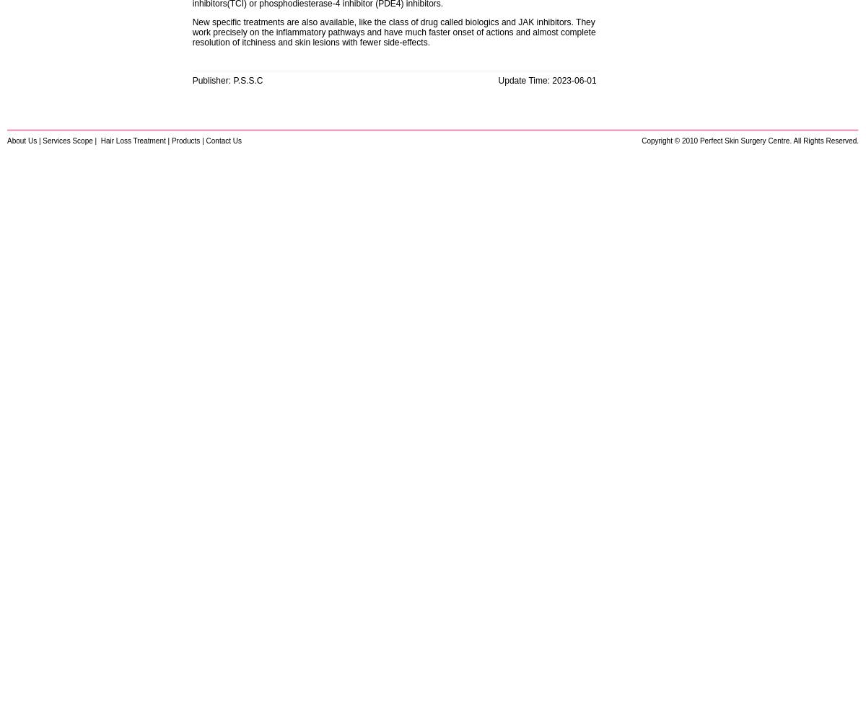 The width and height of the screenshot is (866, 721). What do you see at coordinates (43, 140) in the screenshot?
I see `'Services Scope'` at bounding box center [43, 140].